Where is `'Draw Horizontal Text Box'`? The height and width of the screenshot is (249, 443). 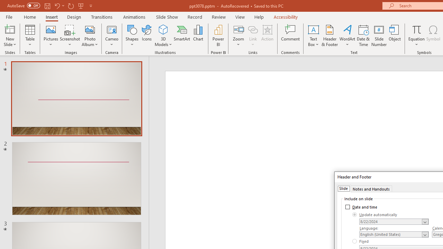
'Draw Horizontal Text Box' is located at coordinates (313, 29).